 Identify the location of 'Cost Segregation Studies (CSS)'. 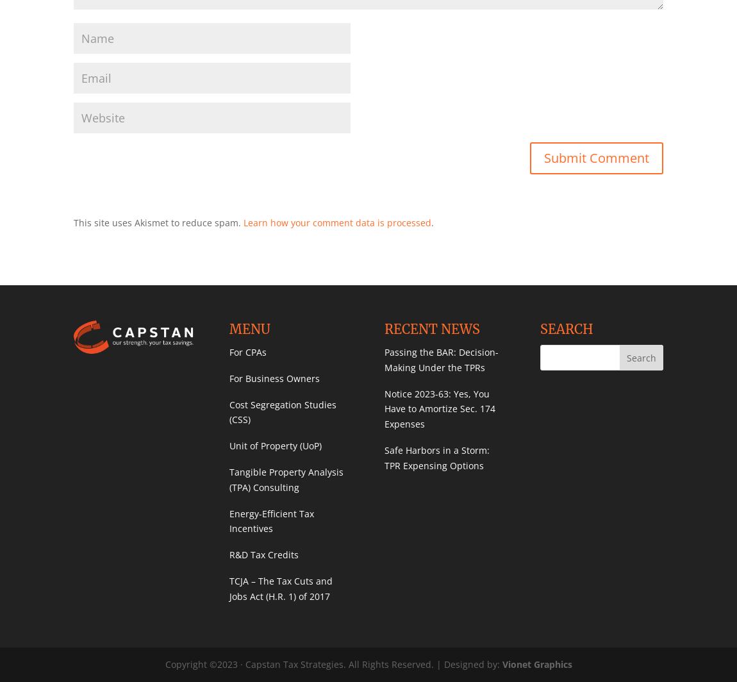
(282, 412).